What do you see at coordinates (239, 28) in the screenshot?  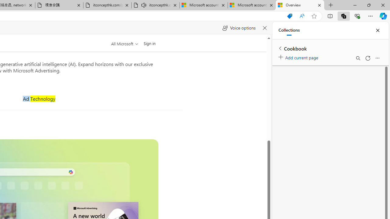 I see `'Voice options'` at bounding box center [239, 28].